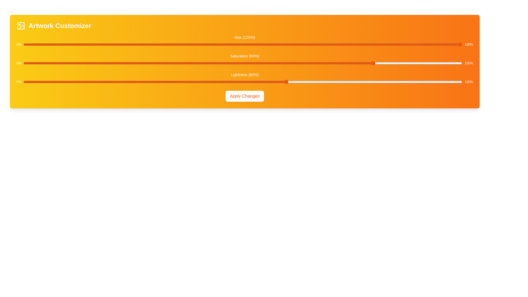 This screenshot has width=528, height=297. Describe the element at coordinates (299, 63) in the screenshot. I see `the saturation slider to set its value to 63%` at that location.